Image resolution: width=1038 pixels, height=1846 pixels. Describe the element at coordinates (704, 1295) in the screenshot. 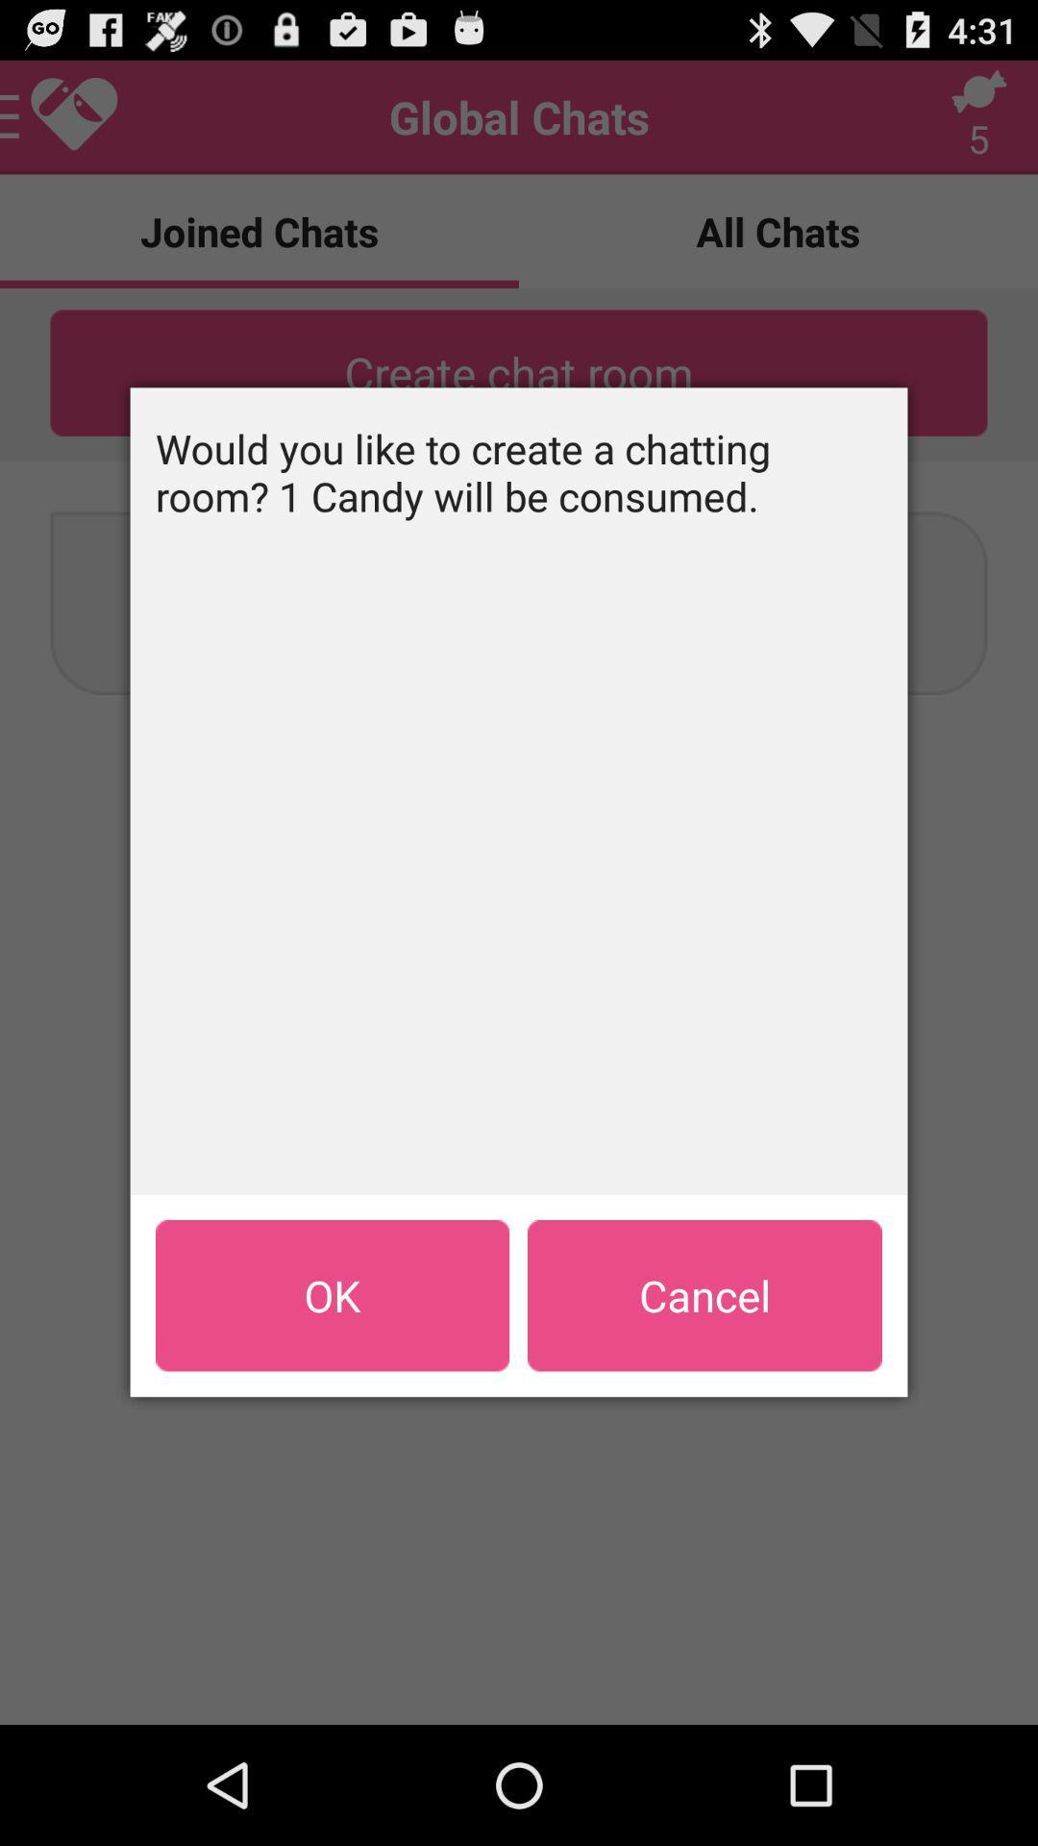

I see `the cancel` at that location.